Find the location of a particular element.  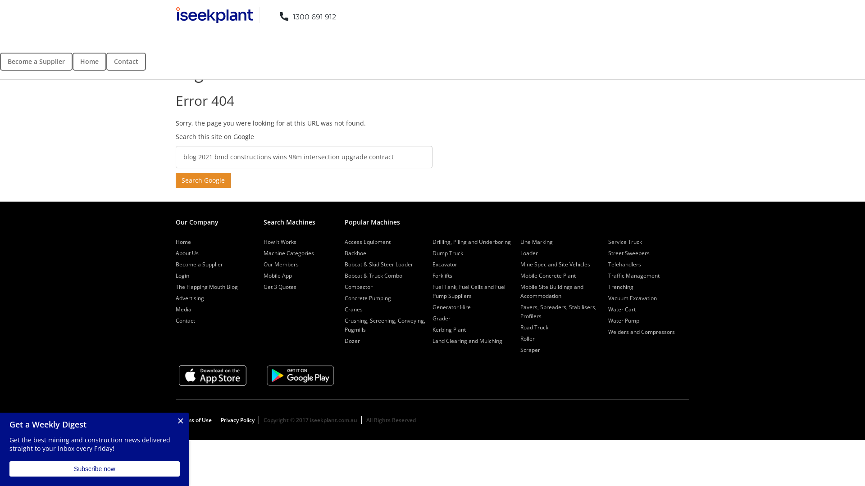

'Search Google' is located at coordinates (203, 180).